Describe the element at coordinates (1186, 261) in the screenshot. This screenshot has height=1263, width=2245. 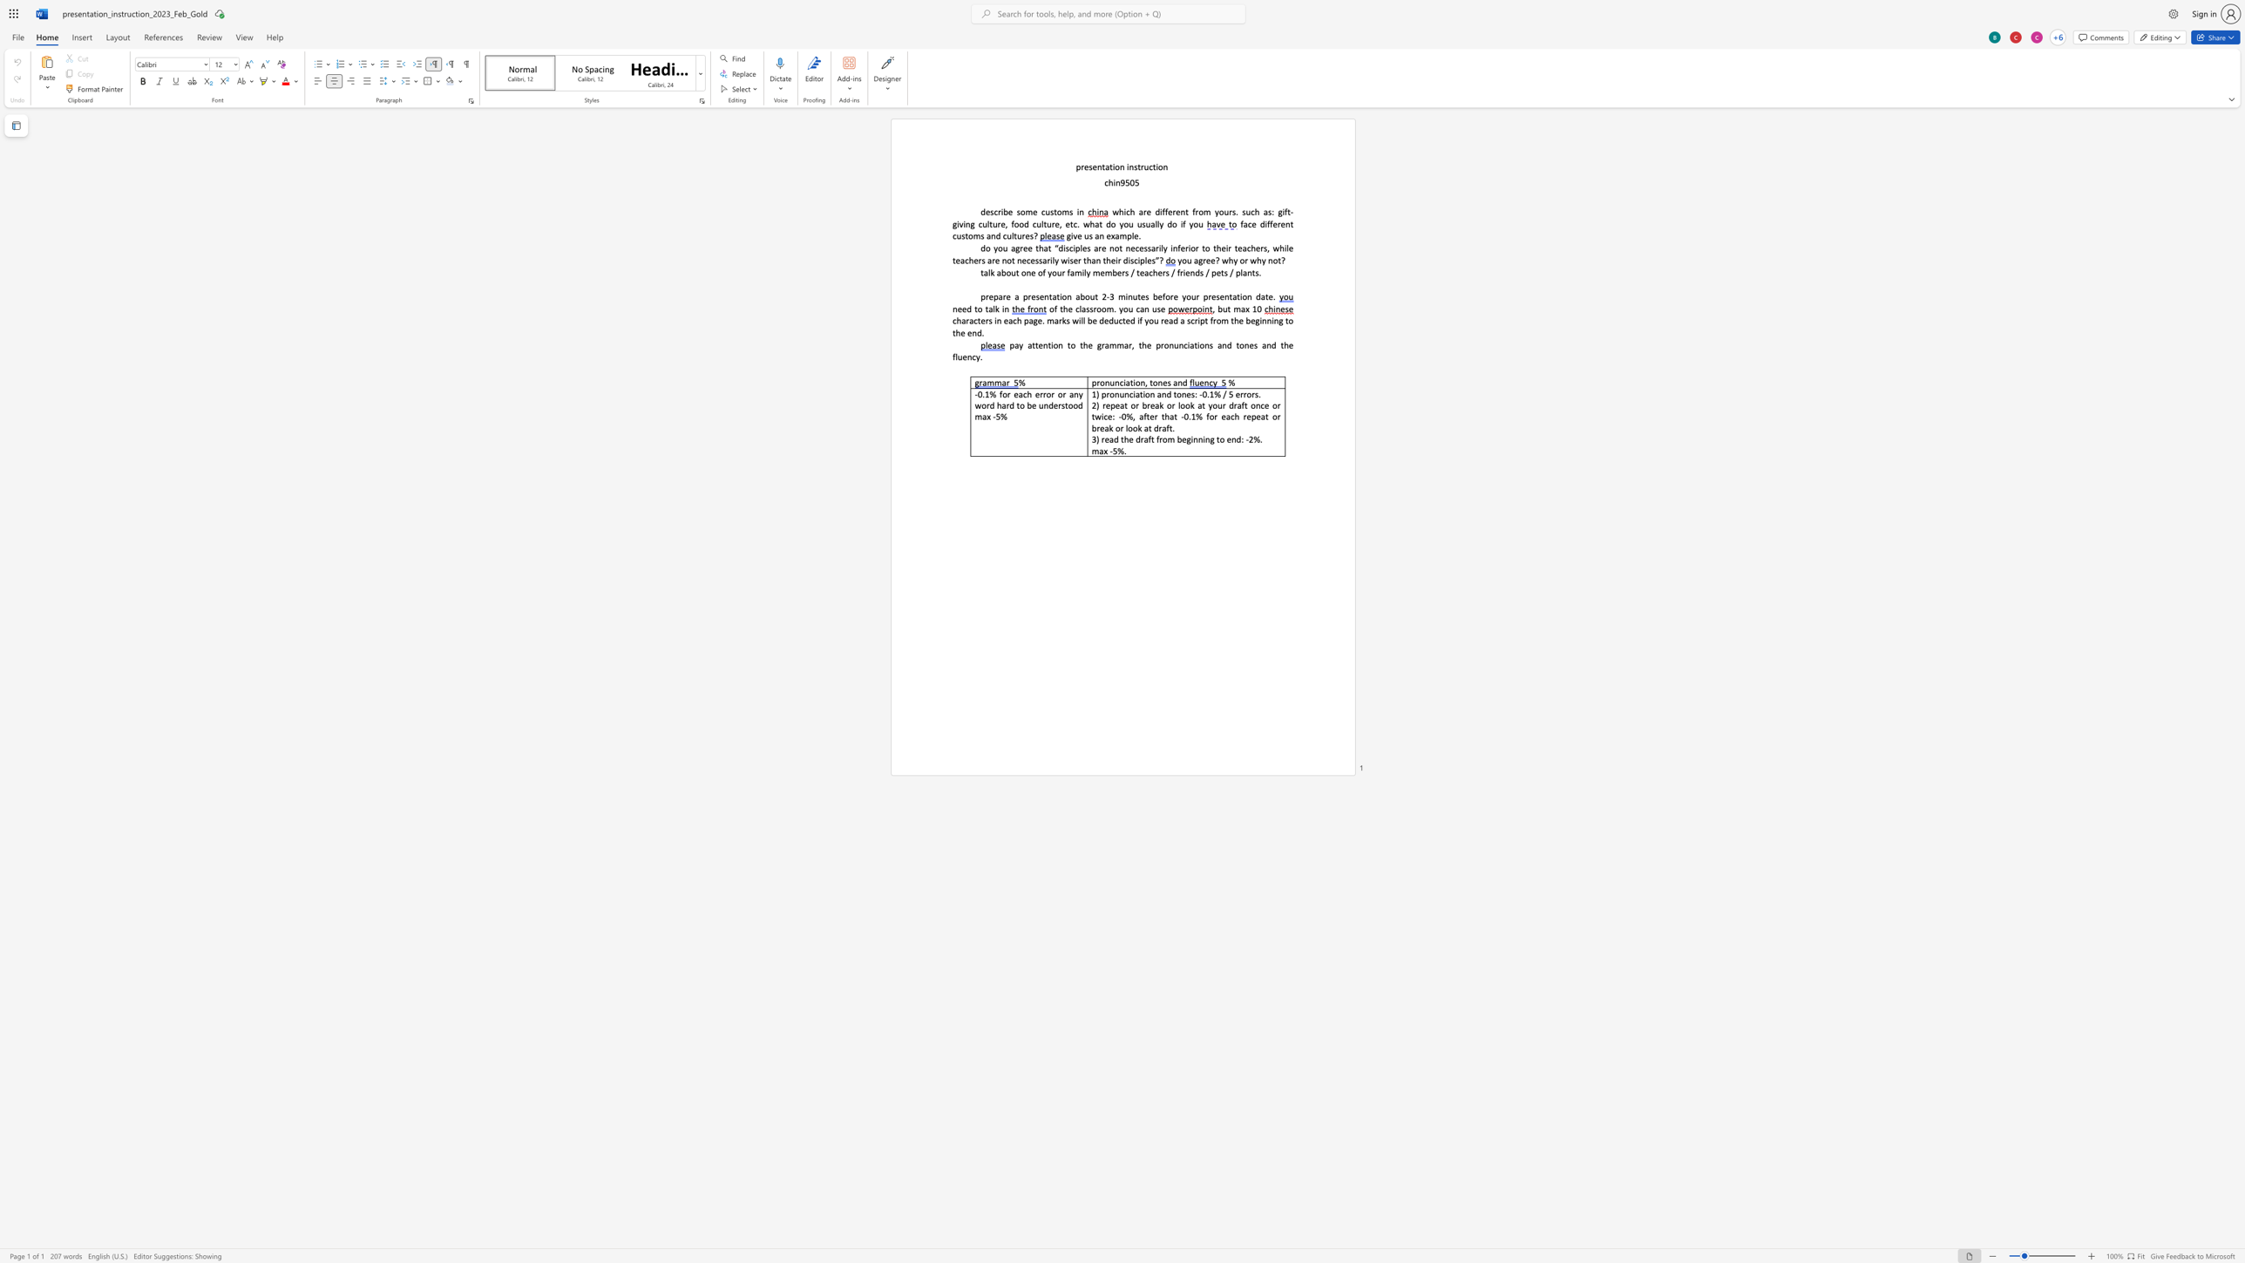
I see `the space between the continuous character "o" and "u" in the text` at that location.